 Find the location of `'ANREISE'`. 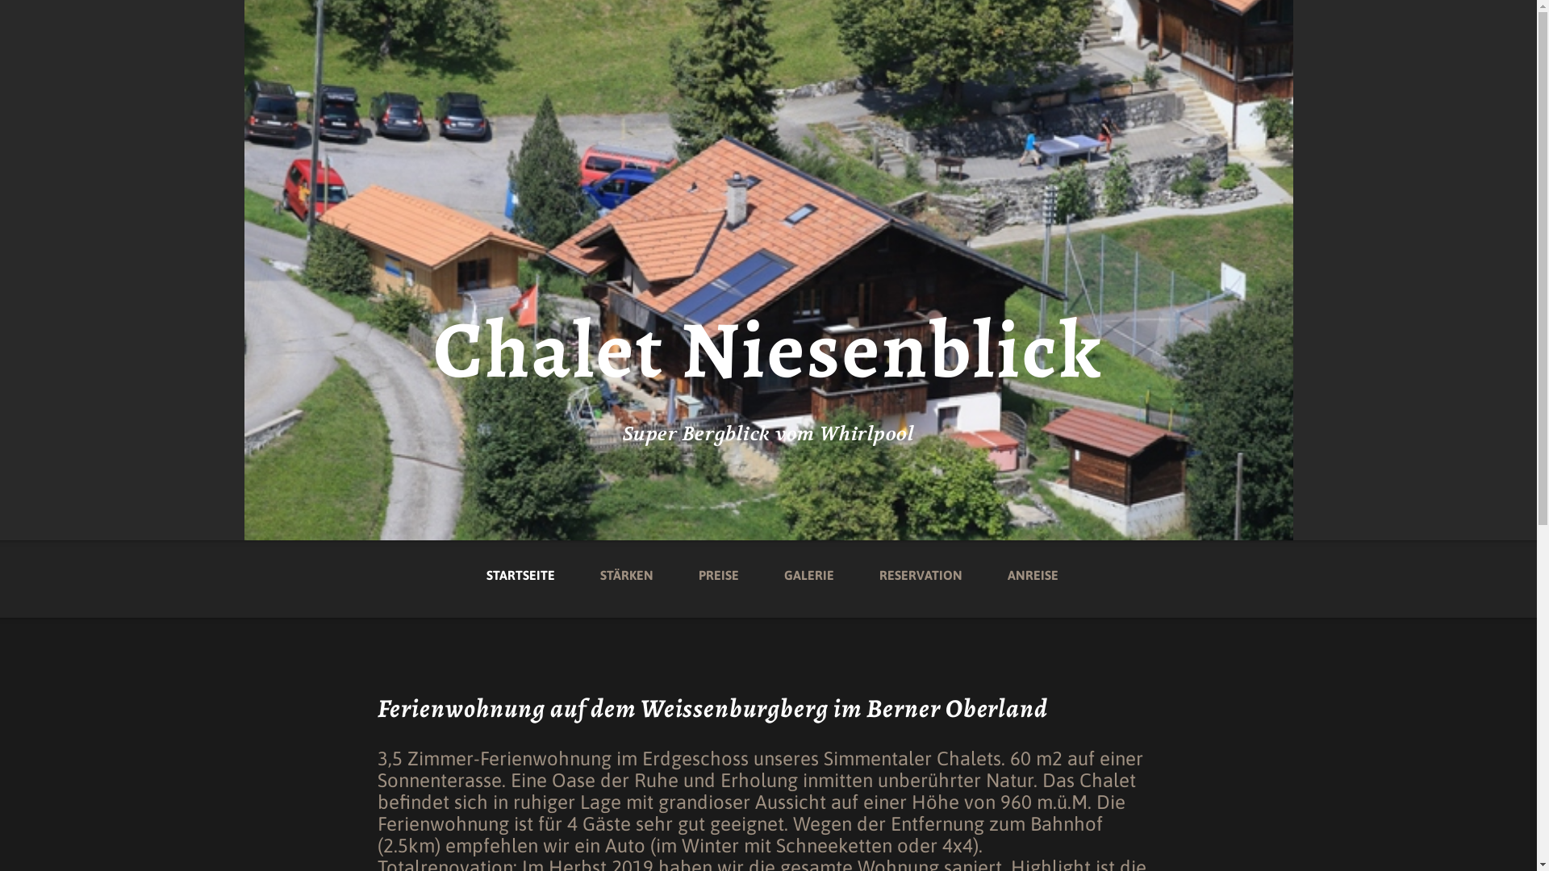

'ANREISE' is located at coordinates (1033, 563).